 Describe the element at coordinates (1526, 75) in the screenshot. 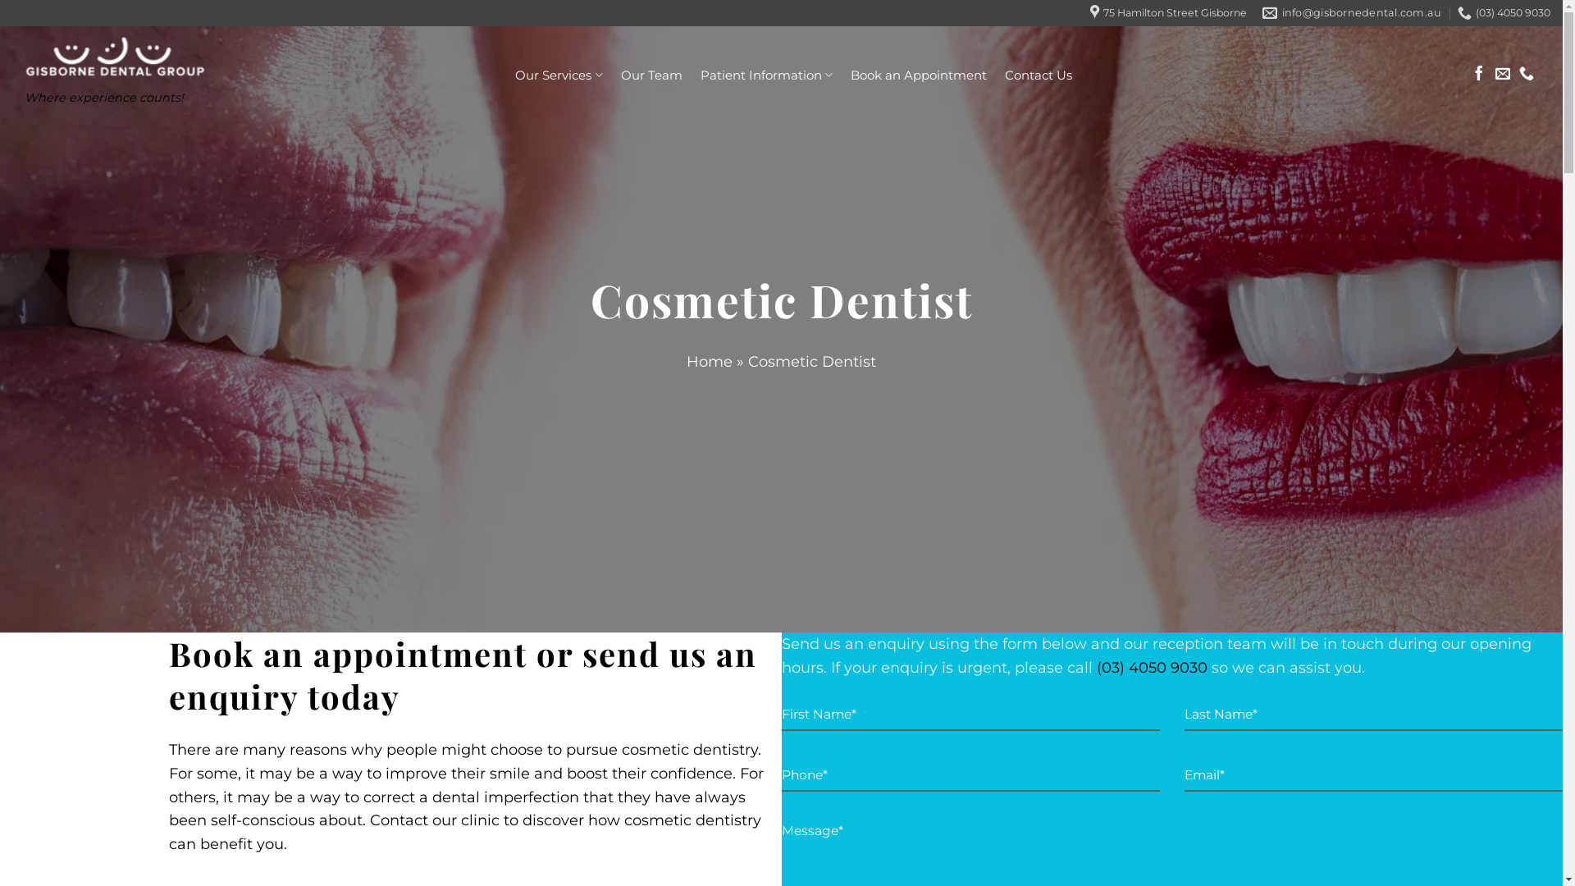

I see `'Call us'` at that location.